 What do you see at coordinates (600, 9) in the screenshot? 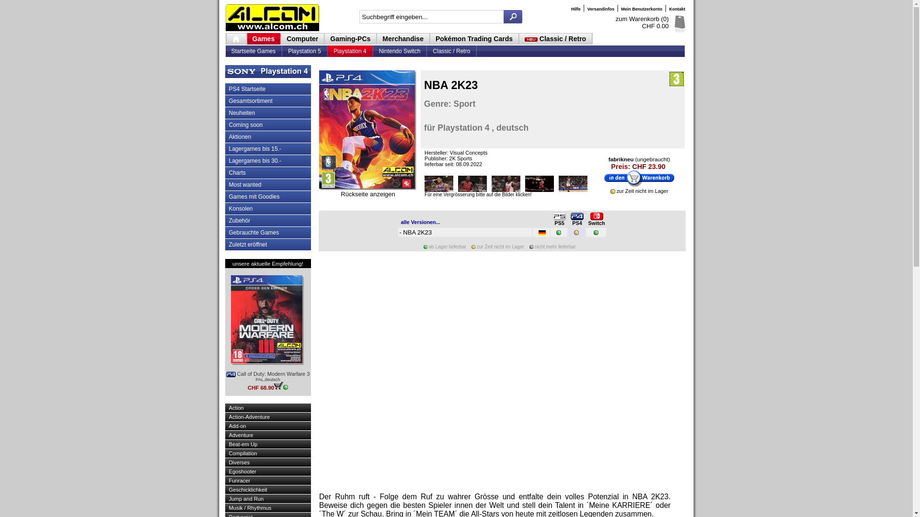
I see `'Versandinfos'` at bounding box center [600, 9].